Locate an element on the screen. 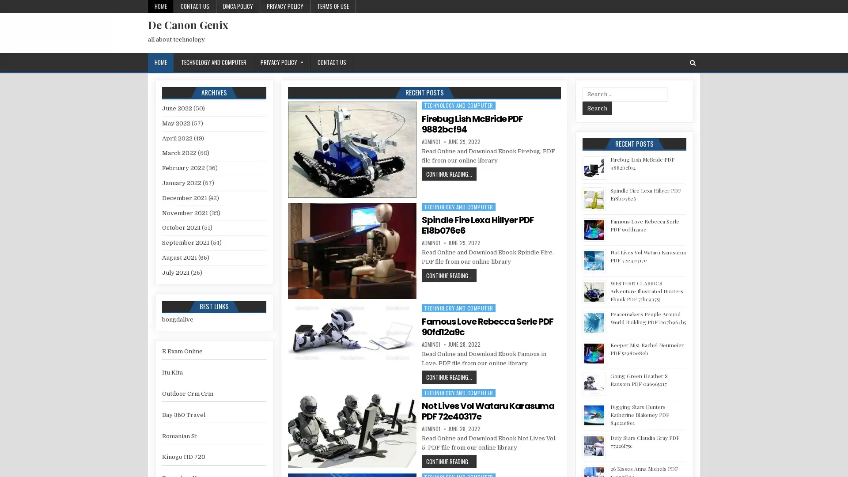 The width and height of the screenshot is (848, 477). Search is located at coordinates (597, 108).